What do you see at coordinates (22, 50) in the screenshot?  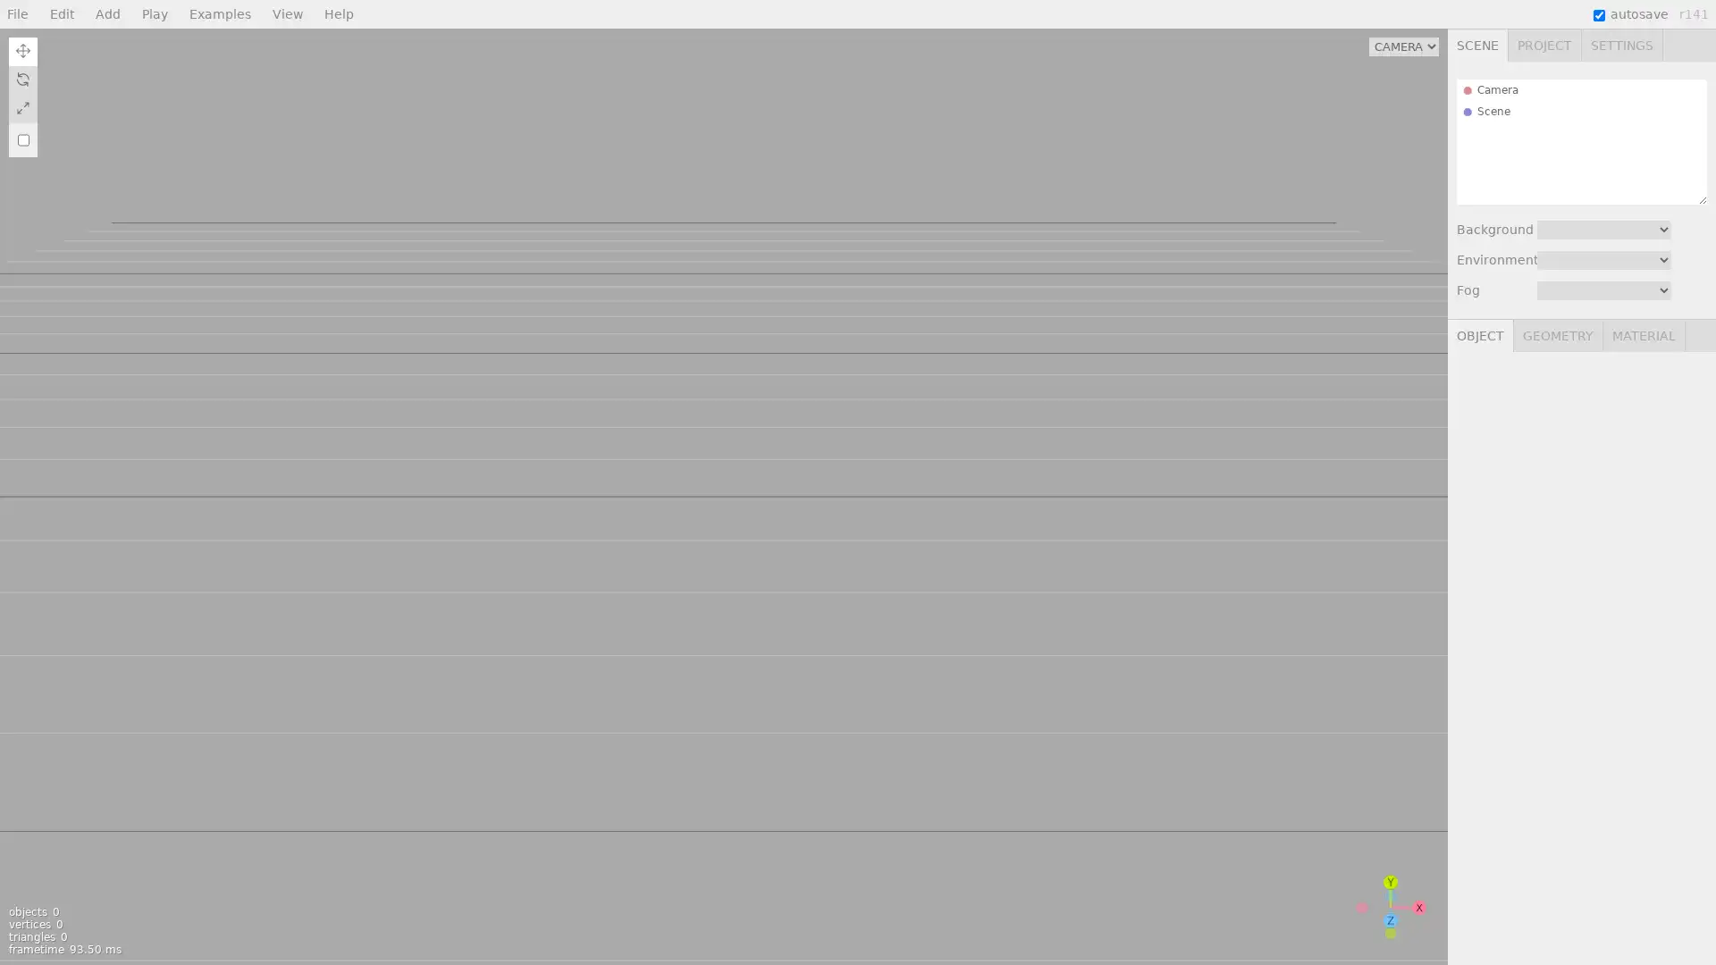 I see `Translate` at bounding box center [22, 50].